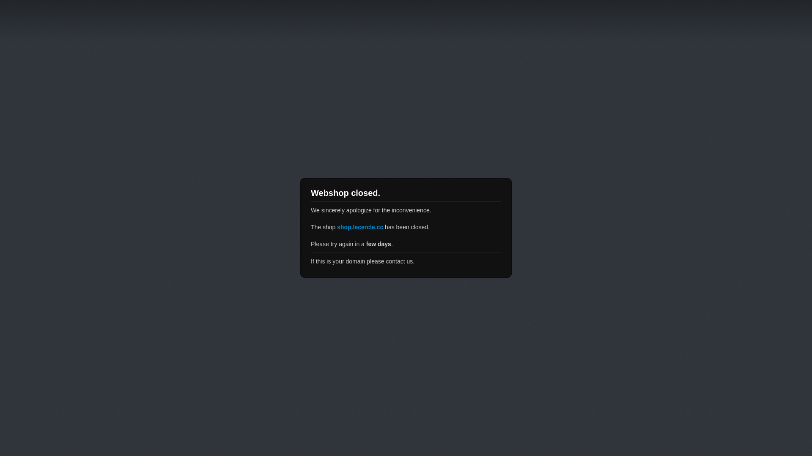 The height and width of the screenshot is (456, 812). What do you see at coordinates (360, 226) in the screenshot?
I see `'shop.lecercle.cc'` at bounding box center [360, 226].